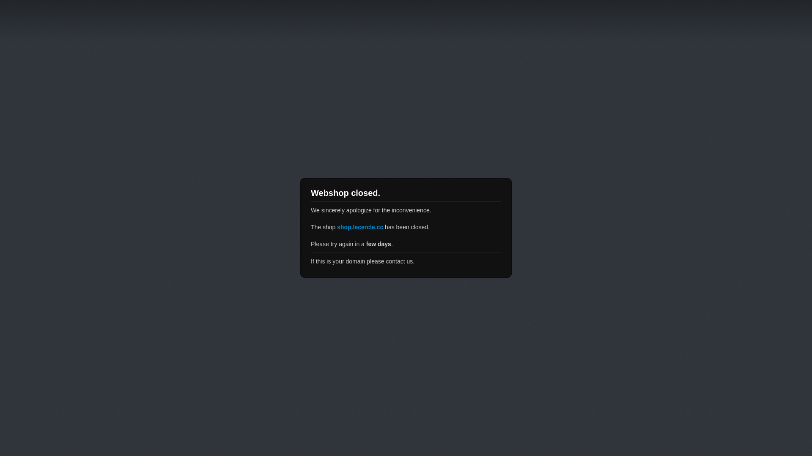 The height and width of the screenshot is (456, 812). What do you see at coordinates (360, 226) in the screenshot?
I see `'shop.lecercle.cc'` at bounding box center [360, 226].